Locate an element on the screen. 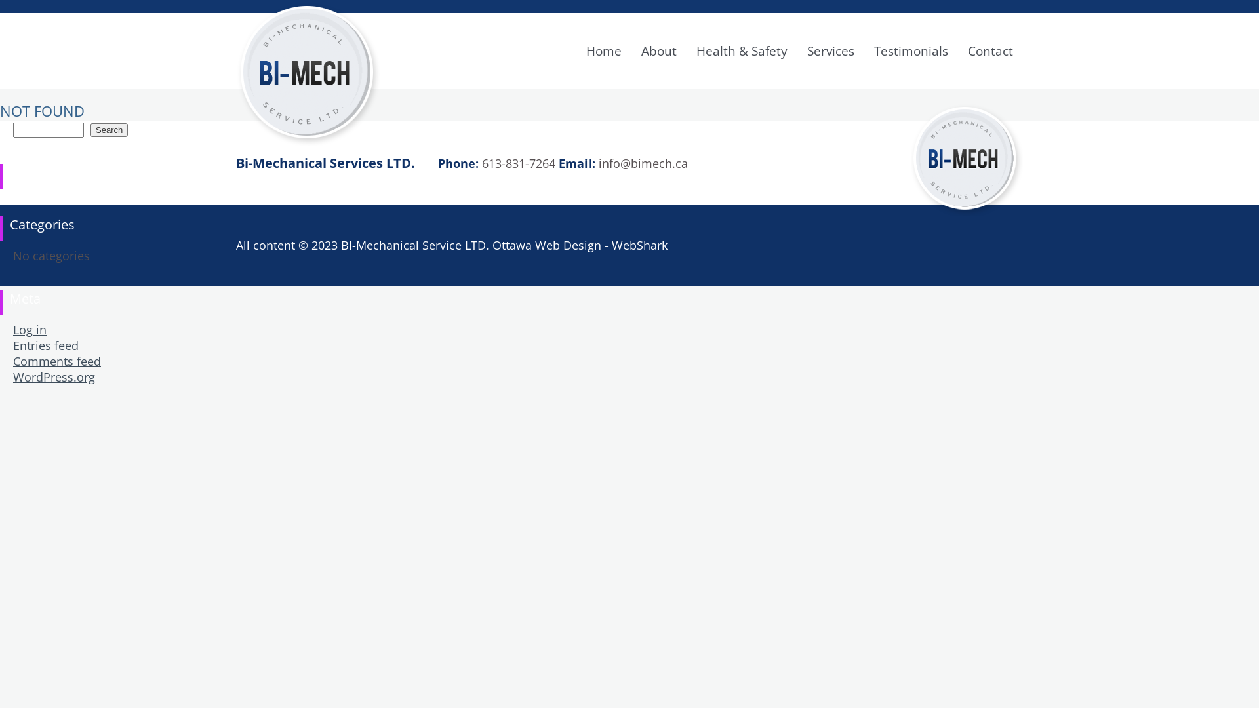 The height and width of the screenshot is (708, 1259). 'Testimonials' is located at coordinates (864, 50).